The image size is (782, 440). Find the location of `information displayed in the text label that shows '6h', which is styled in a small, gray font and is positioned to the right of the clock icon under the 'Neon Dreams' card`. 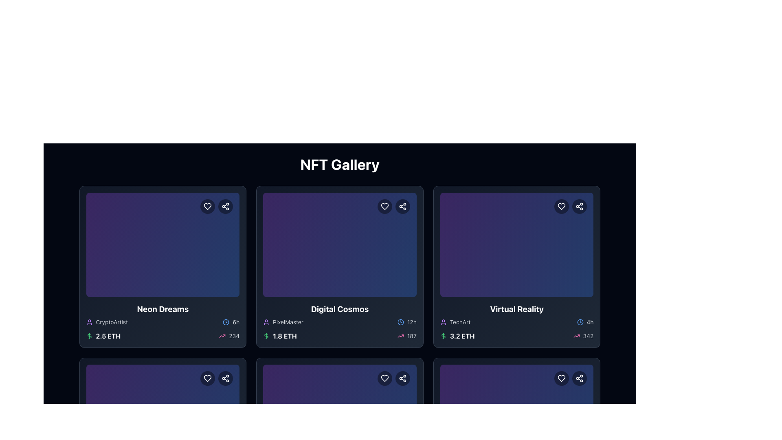

information displayed in the text label that shows '6h', which is styled in a small, gray font and is positioned to the right of the clock icon under the 'Neon Dreams' card is located at coordinates (235, 321).